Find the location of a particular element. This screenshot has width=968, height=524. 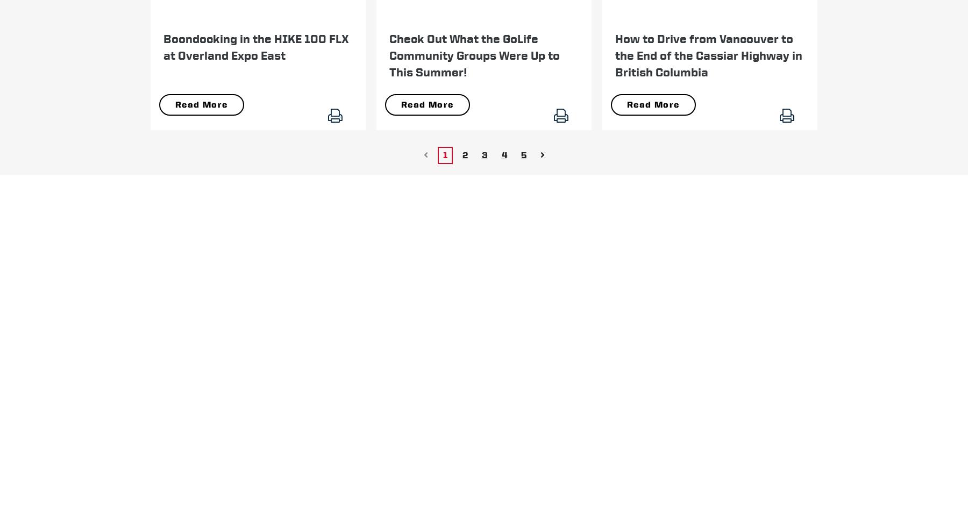

'How to Drive from Vancouver to the End of the Cassiar Highway in British Columbia' is located at coordinates (708, 54).